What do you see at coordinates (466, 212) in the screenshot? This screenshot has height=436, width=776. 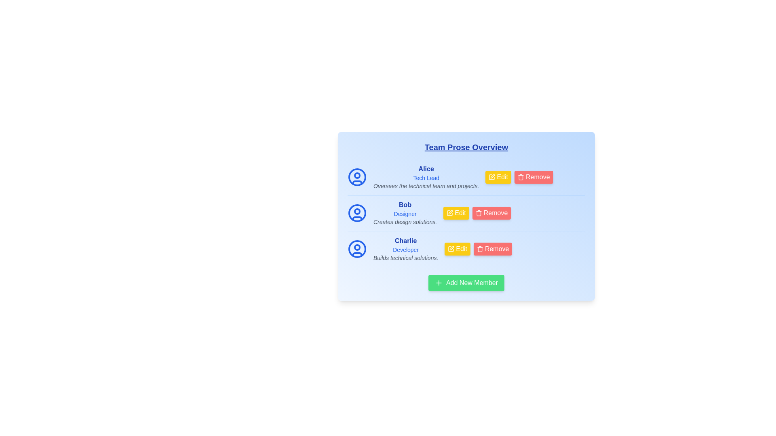 I see `the 'Edit' button (yellow) on the profile entry for 'Bob' to modify the profile` at bounding box center [466, 212].